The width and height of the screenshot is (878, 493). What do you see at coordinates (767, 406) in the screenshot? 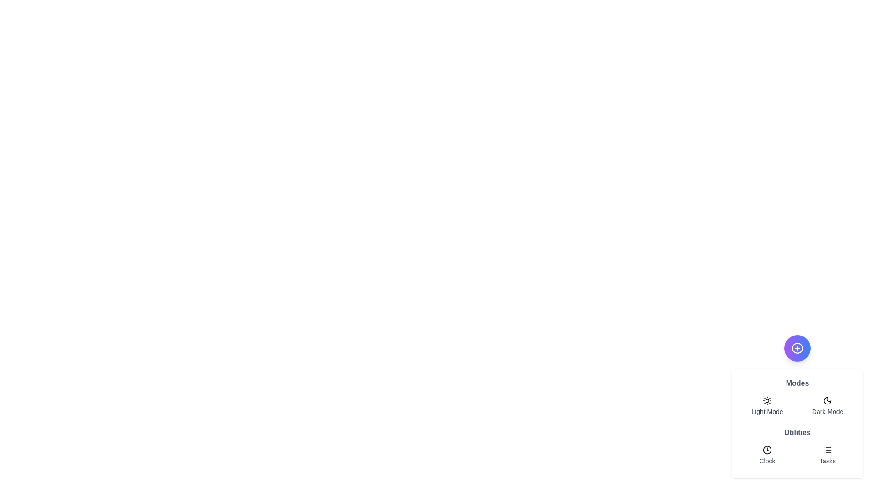
I see `the 'Light Mode' button to select it` at bounding box center [767, 406].